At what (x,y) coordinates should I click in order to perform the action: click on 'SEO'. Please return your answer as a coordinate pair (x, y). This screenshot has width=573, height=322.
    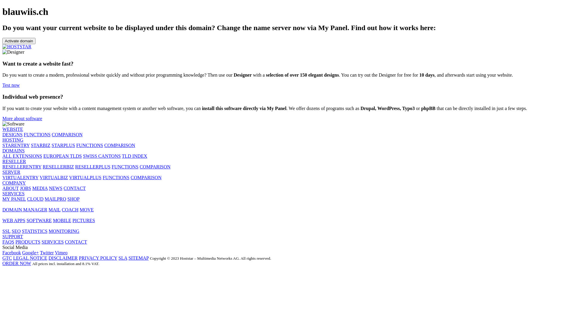
    Looking at the image, I should click on (16, 231).